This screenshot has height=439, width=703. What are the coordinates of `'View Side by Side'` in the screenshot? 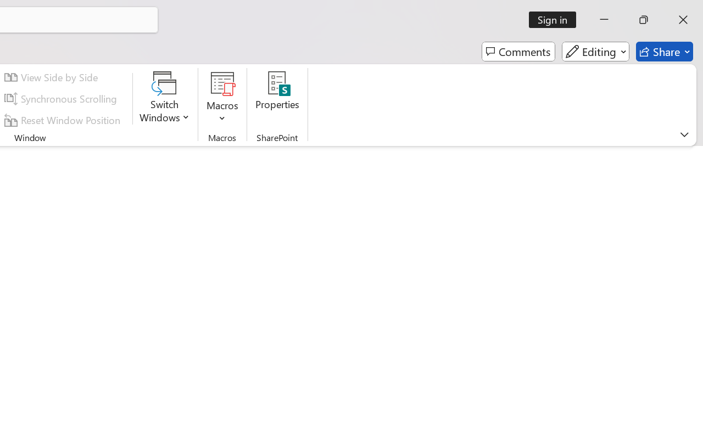 It's located at (52, 77).